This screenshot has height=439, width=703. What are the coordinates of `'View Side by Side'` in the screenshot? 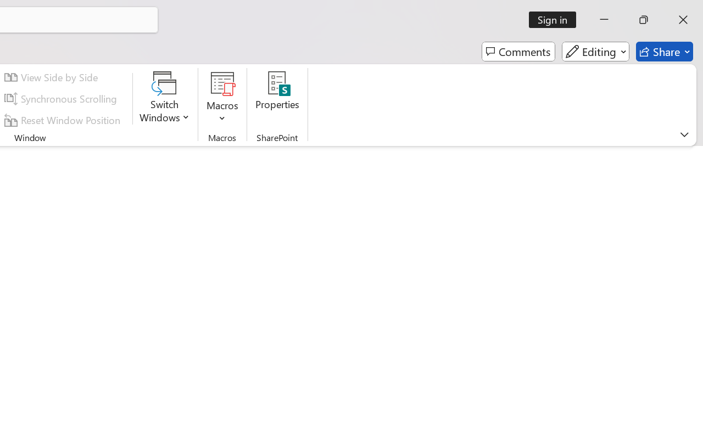 It's located at (52, 77).